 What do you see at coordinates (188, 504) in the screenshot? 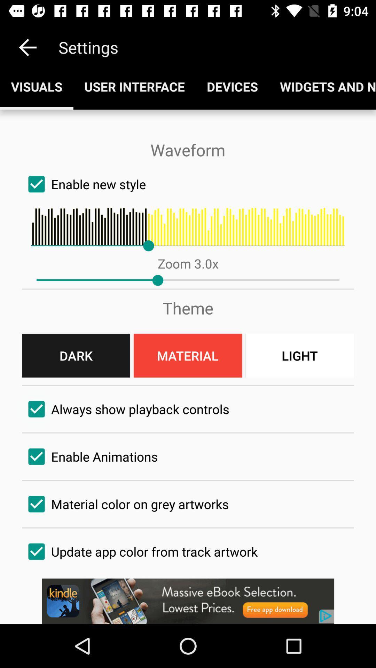
I see `the fourth check box` at bounding box center [188, 504].